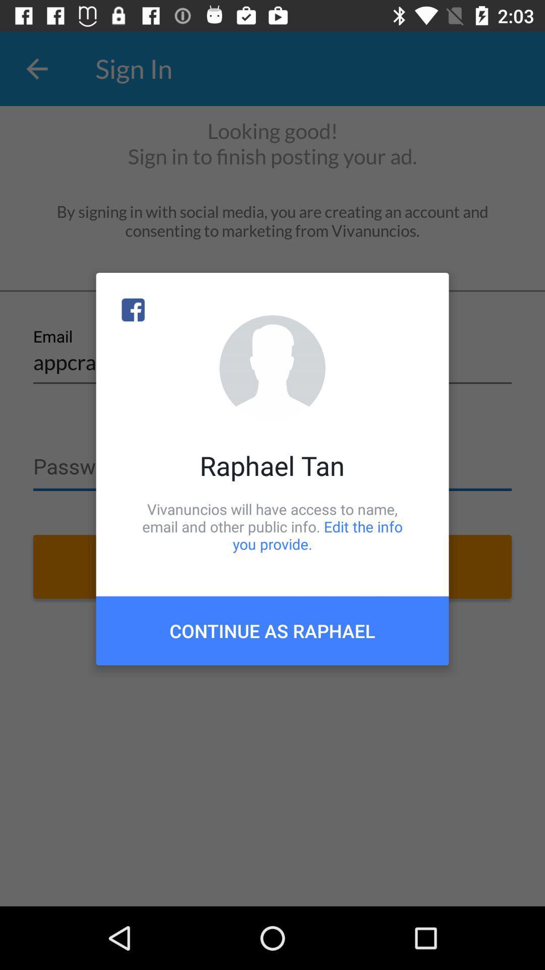  I want to click on vivanuncios will have item, so click(272, 526).